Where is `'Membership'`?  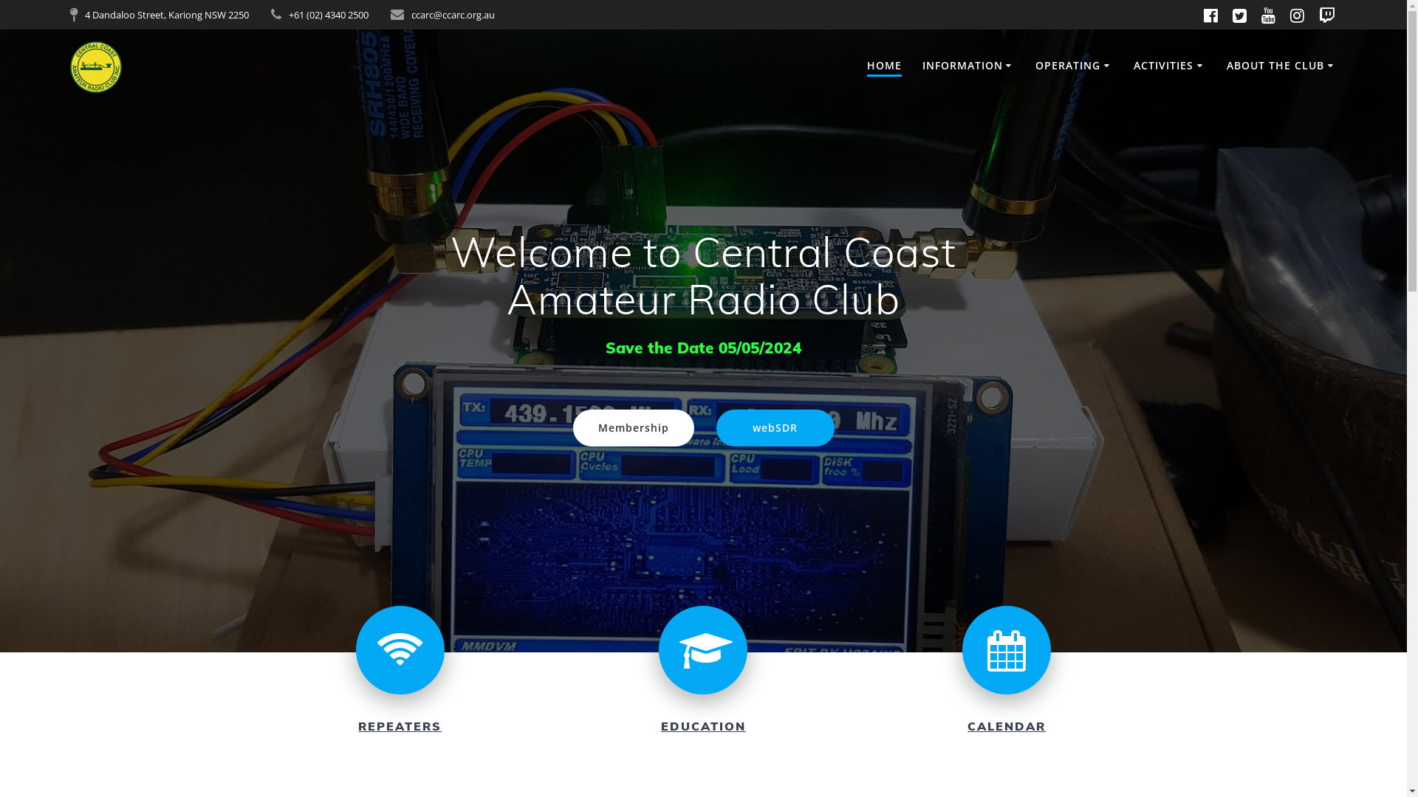 'Membership' is located at coordinates (634, 427).